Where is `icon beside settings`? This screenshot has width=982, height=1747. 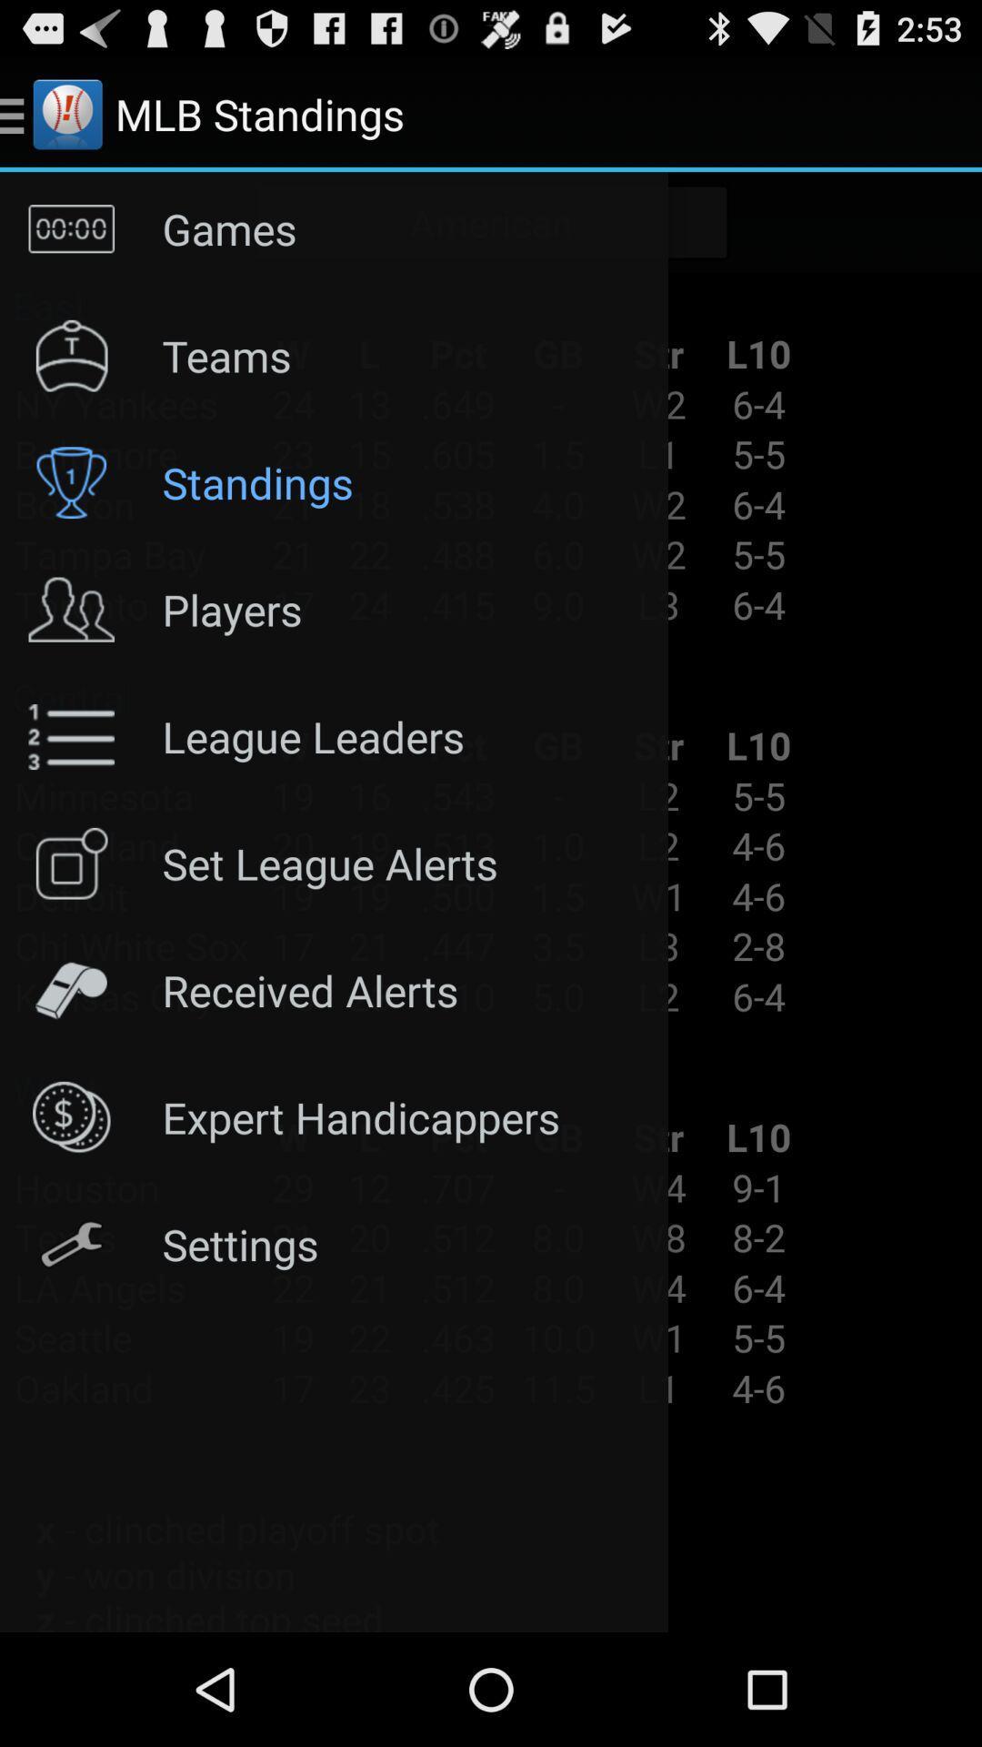
icon beside settings is located at coordinates (70, 1243).